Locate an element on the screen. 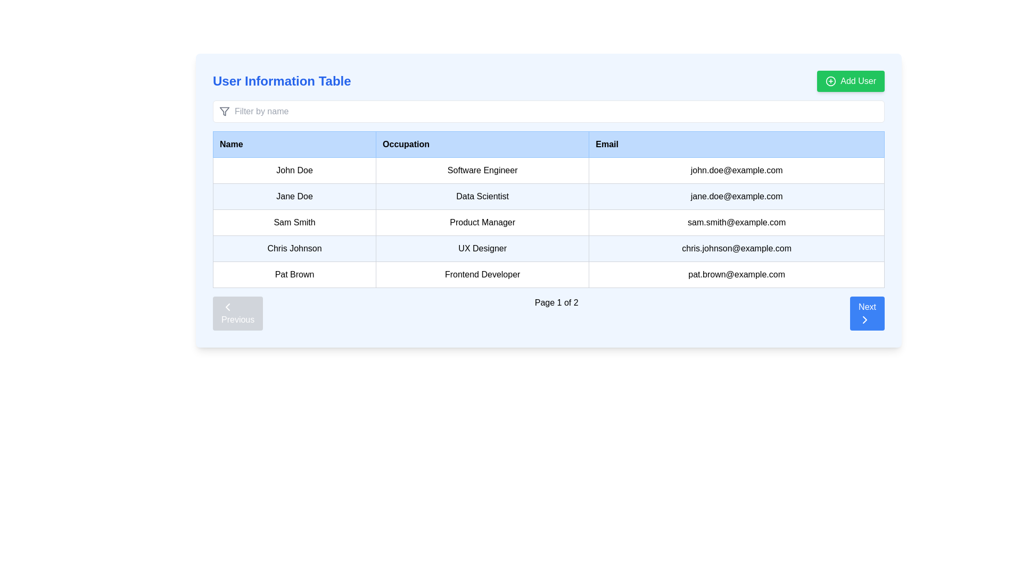  email address 'john.doe@example.com' displayed in the text cell located in the third column under the 'Email' header, corresponding to the row for 'John Doe' is located at coordinates (736, 170).